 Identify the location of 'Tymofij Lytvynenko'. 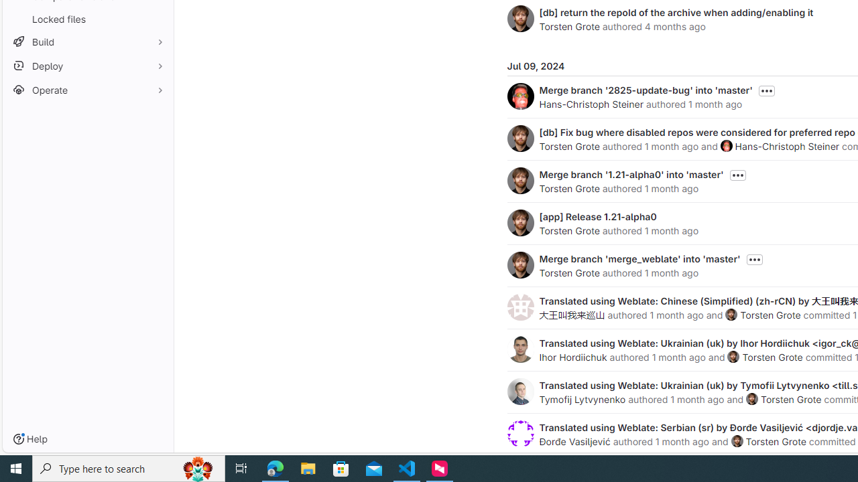
(583, 398).